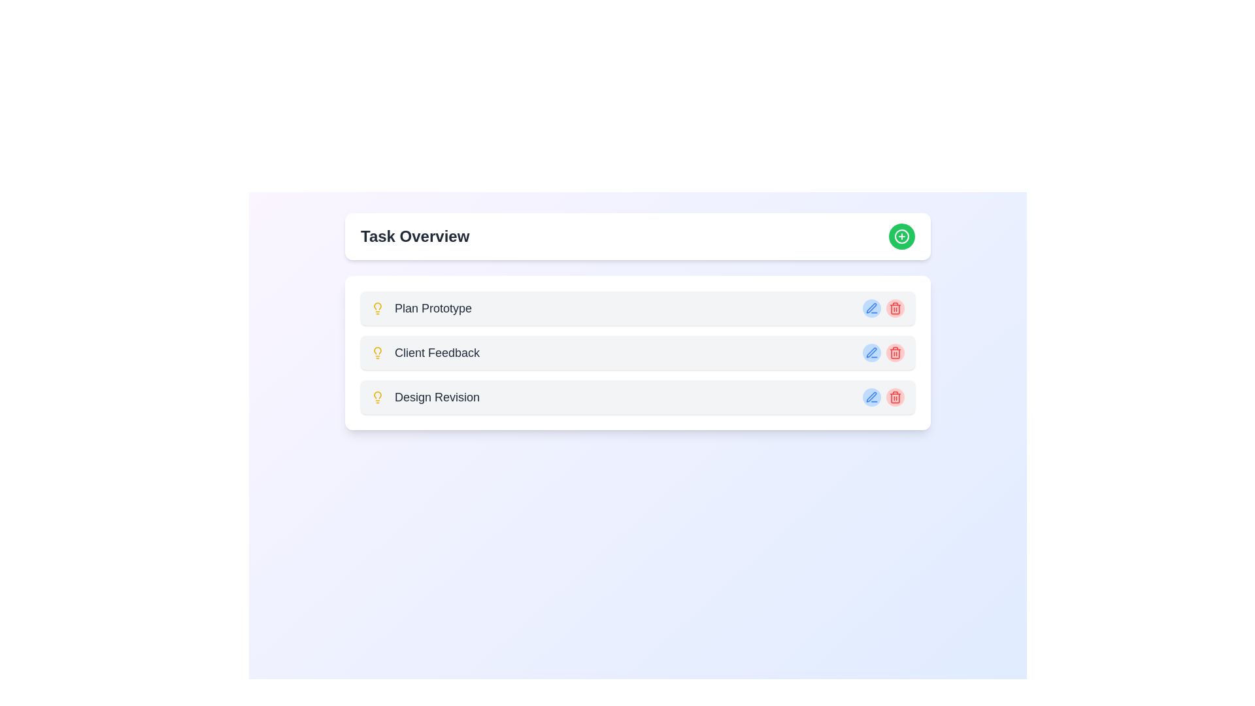 The image size is (1255, 706). I want to click on the third red trash bin icon button for the 'Design Revision' task, so click(894, 397).